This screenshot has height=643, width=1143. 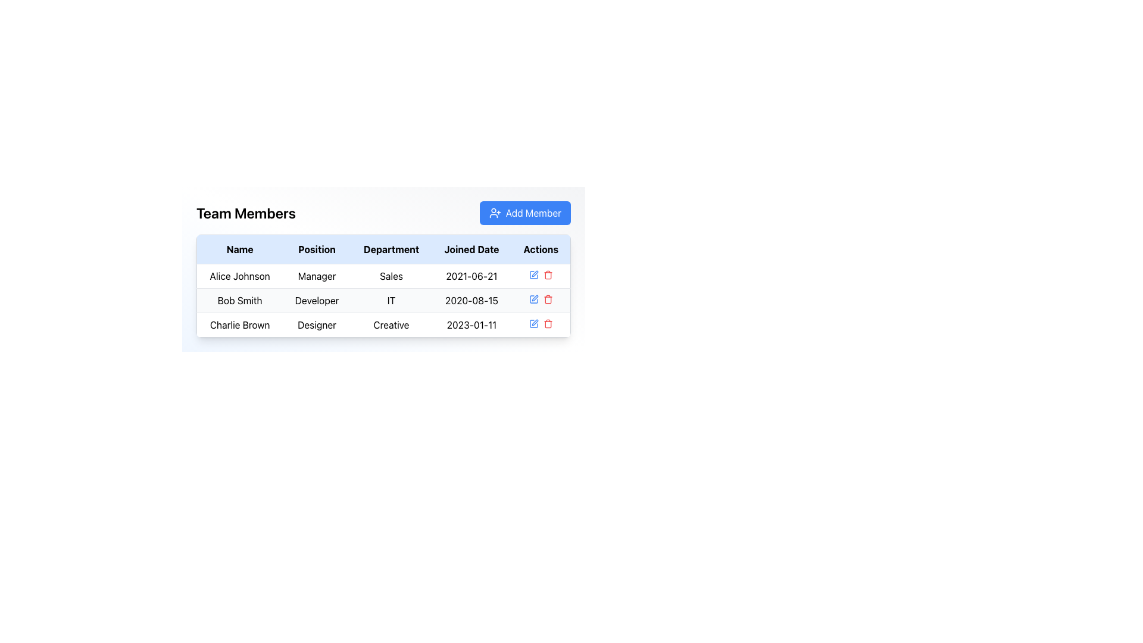 What do you see at coordinates (541, 249) in the screenshot?
I see `the 'Actions' Table Header Cell which is the last column header in the grid, styled with bold black text on a light blue background` at bounding box center [541, 249].